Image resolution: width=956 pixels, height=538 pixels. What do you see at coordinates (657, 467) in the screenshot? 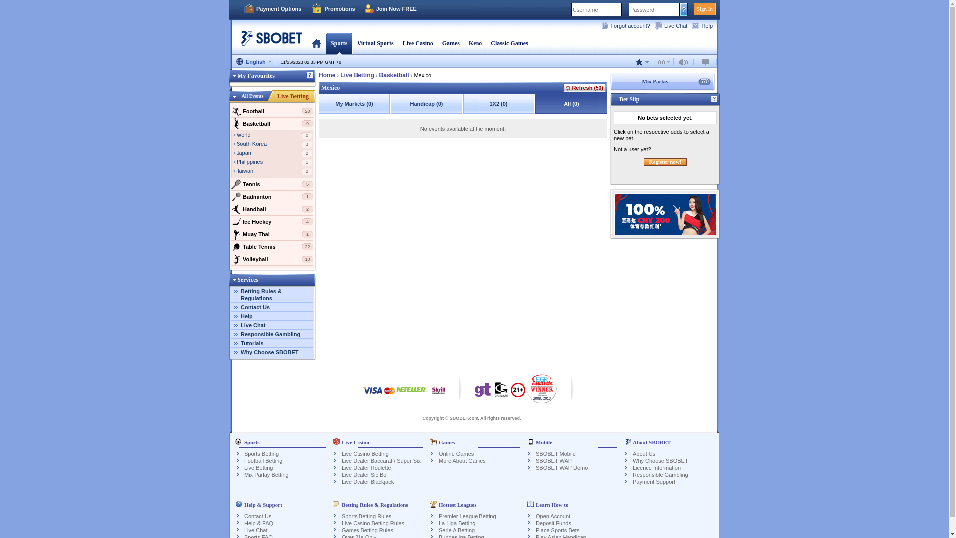
I see `'Licence Information'` at bounding box center [657, 467].